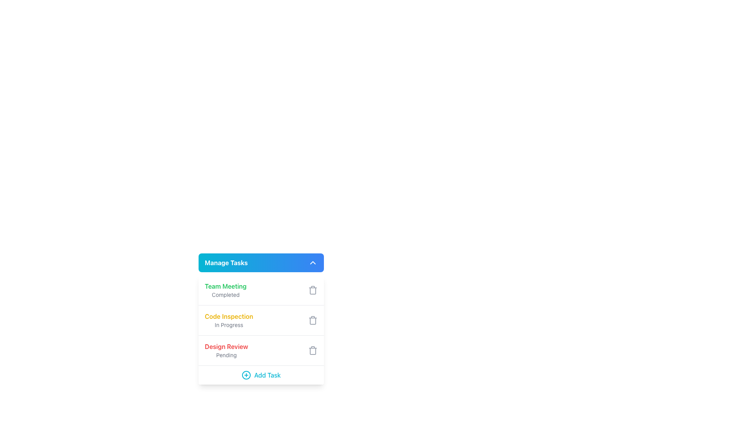 The width and height of the screenshot is (752, 423). I want to click on the static text label 'Code Inspection', which is styled in bold yellow font and is part of a task management interface, positioned above the 'In Progress' tag, so click(228, 316).